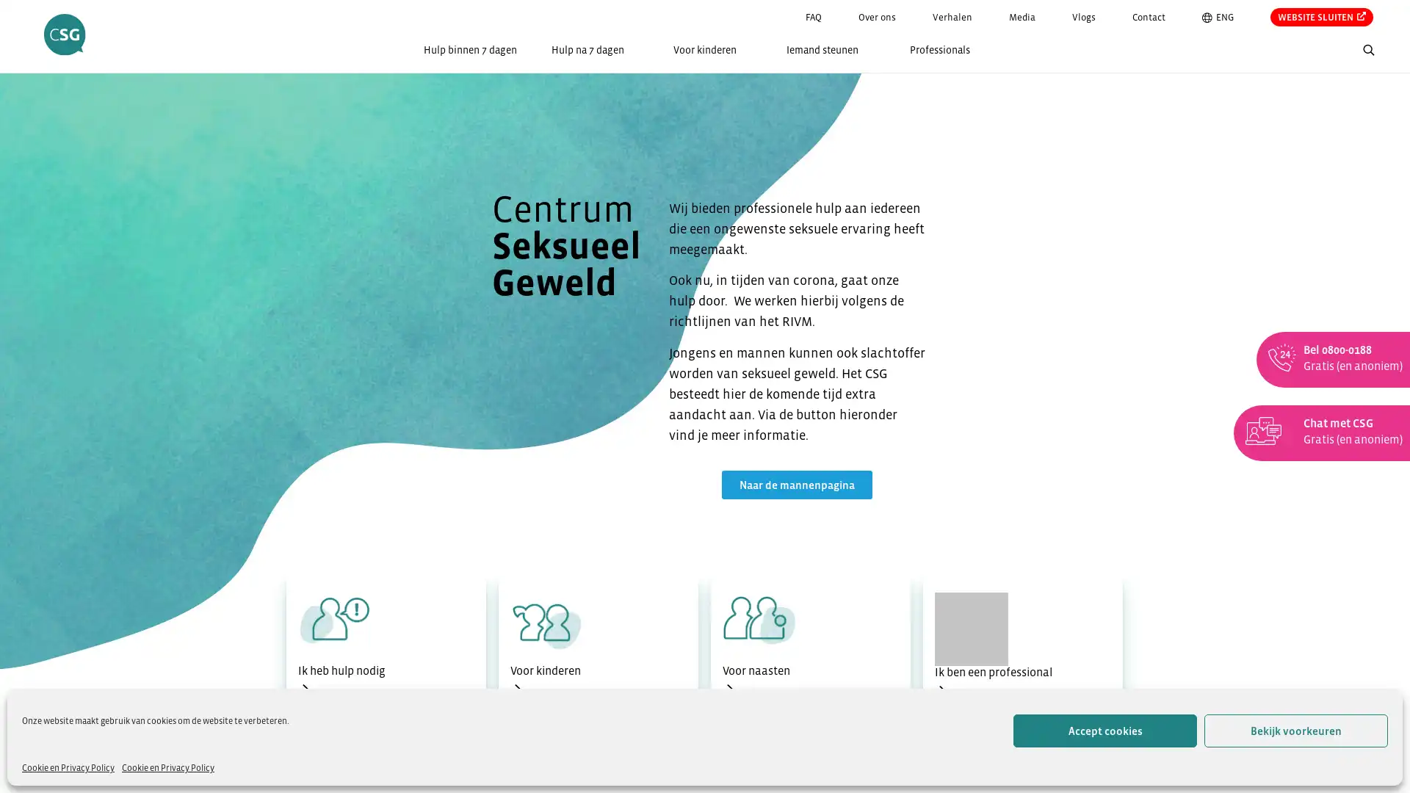 The width and height of the screenshot is (1410, 793). Describe the element at coordinates (1105, 731) in the screenshot. I see `Accept cookies` at that location.